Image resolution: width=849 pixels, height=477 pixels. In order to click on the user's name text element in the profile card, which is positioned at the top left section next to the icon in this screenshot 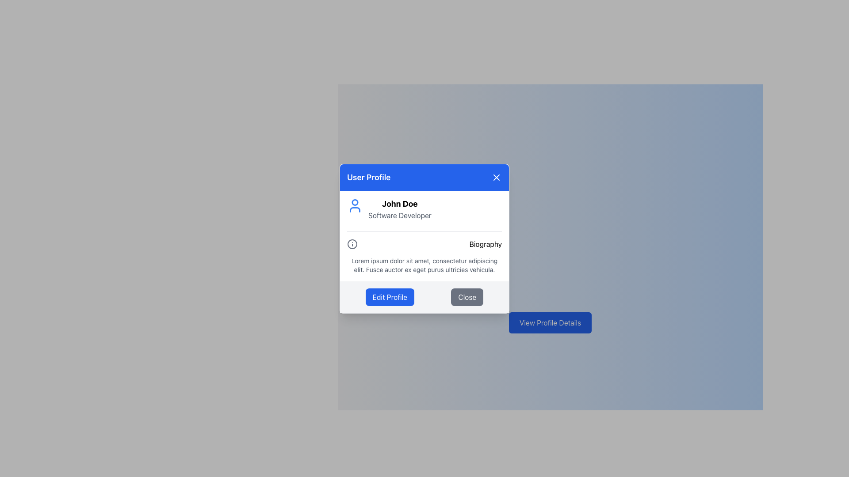, I will do `click(399, 204)`.